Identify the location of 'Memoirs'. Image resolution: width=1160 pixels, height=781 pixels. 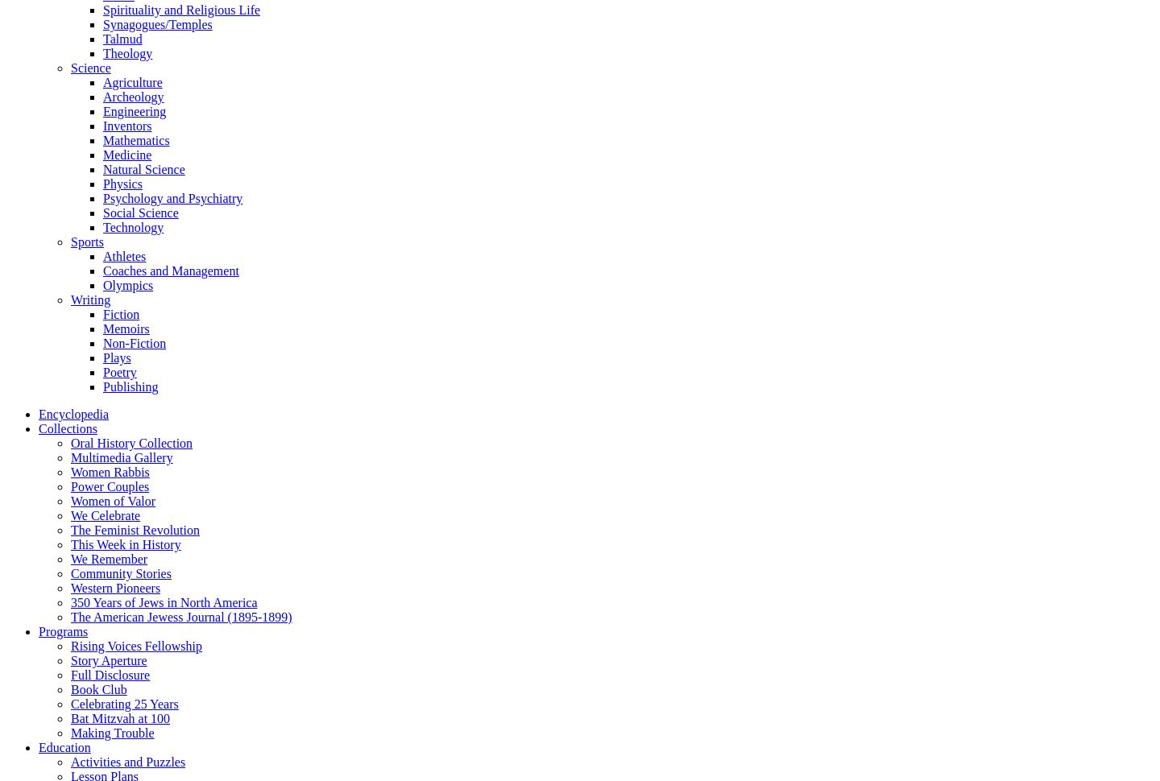
(125, 328).